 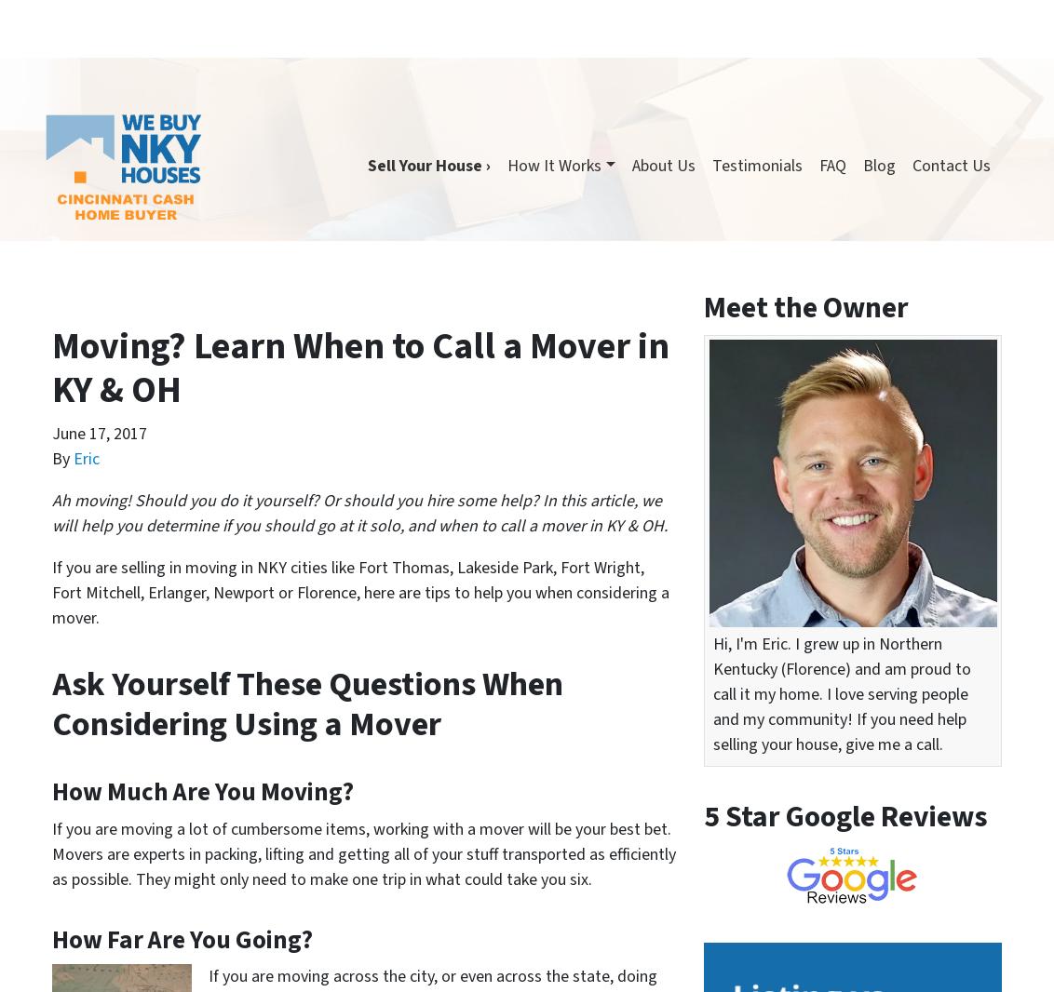 I want to click on 'Recent Posts', so click(x=702, y=283).